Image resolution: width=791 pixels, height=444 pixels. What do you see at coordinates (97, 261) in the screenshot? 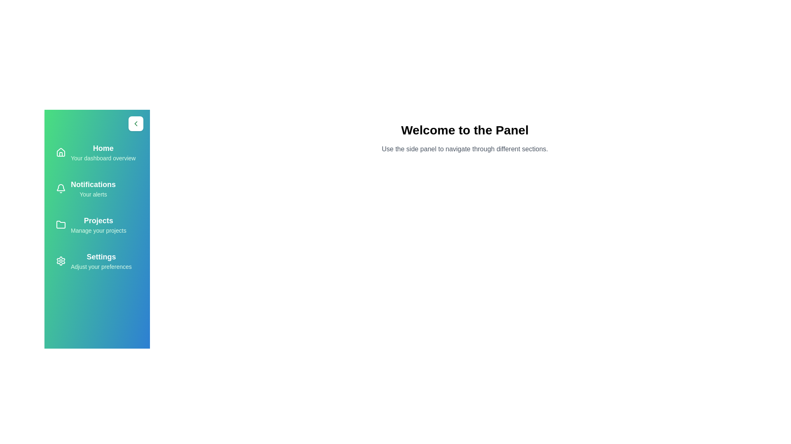
I see `the tab Settings from the side panel` at bounding box center [97, 261].